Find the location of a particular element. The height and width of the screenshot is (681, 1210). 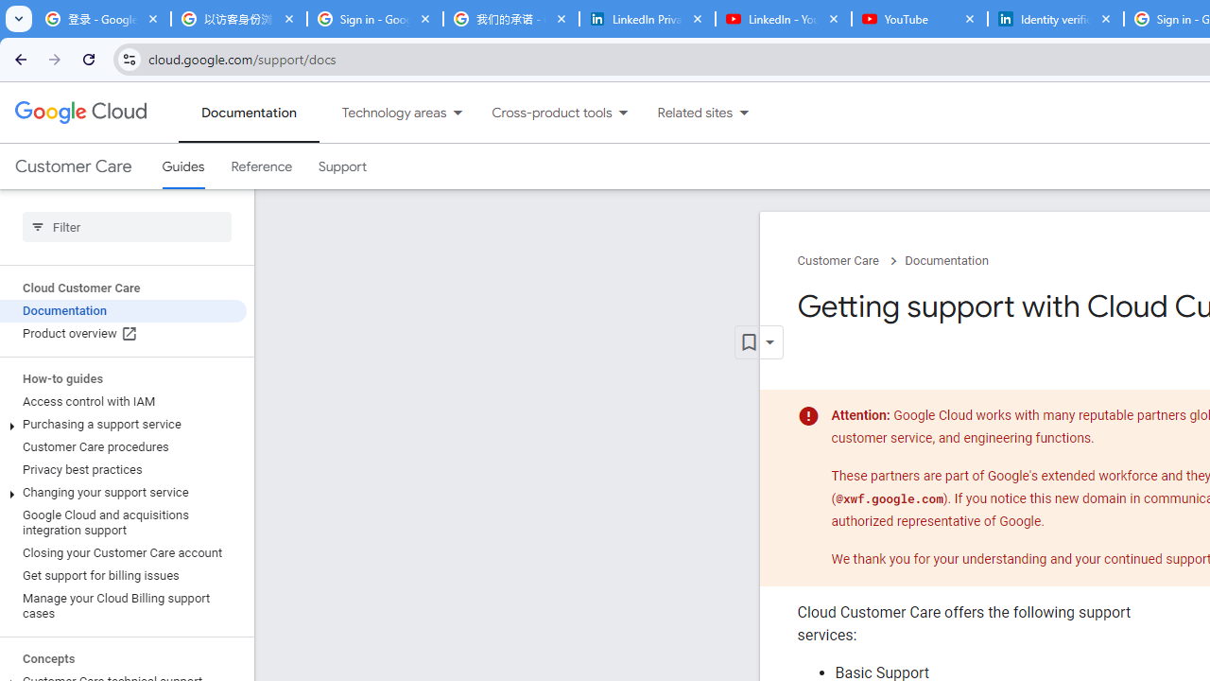

'Dropdown menu for Technology areas' is located at coordinates (458, 113).